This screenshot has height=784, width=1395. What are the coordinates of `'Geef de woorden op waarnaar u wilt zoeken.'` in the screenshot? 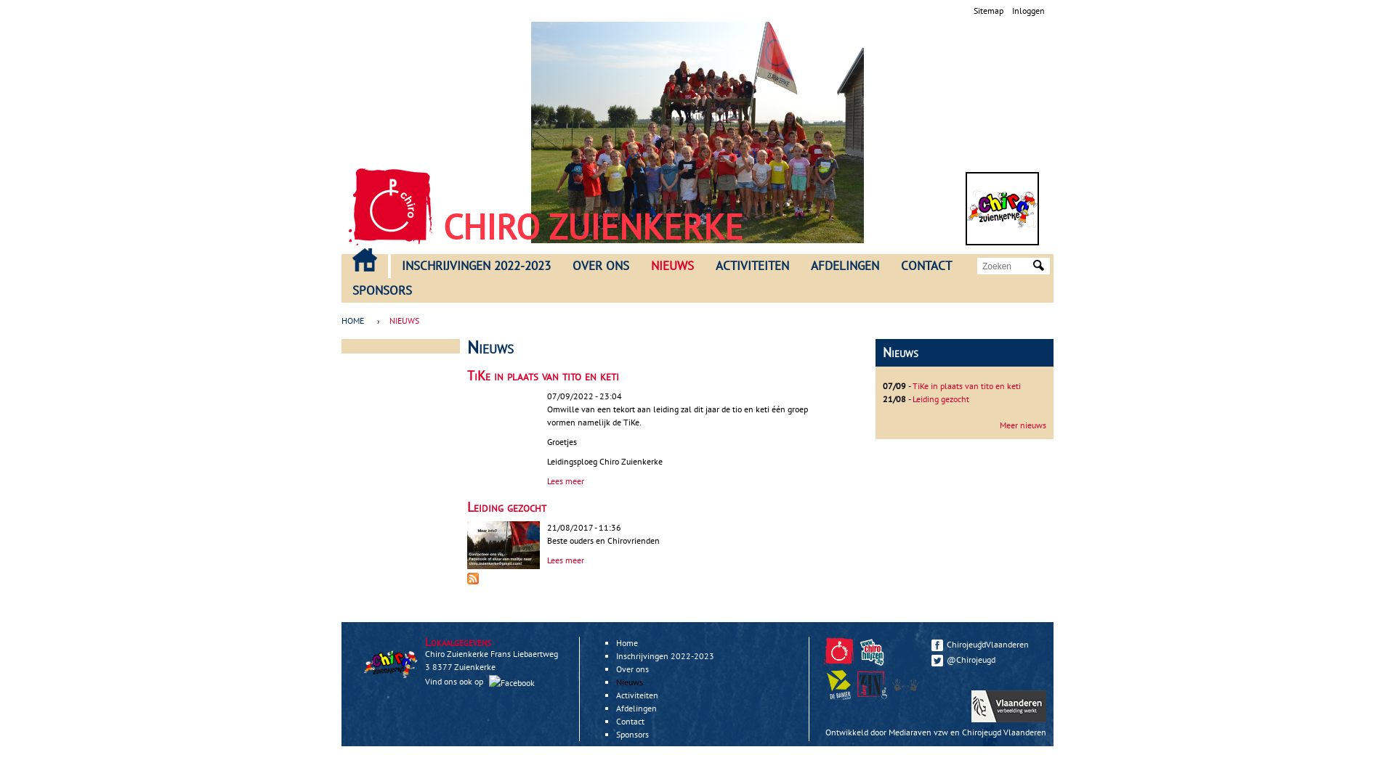 It's located at (1006, 266).